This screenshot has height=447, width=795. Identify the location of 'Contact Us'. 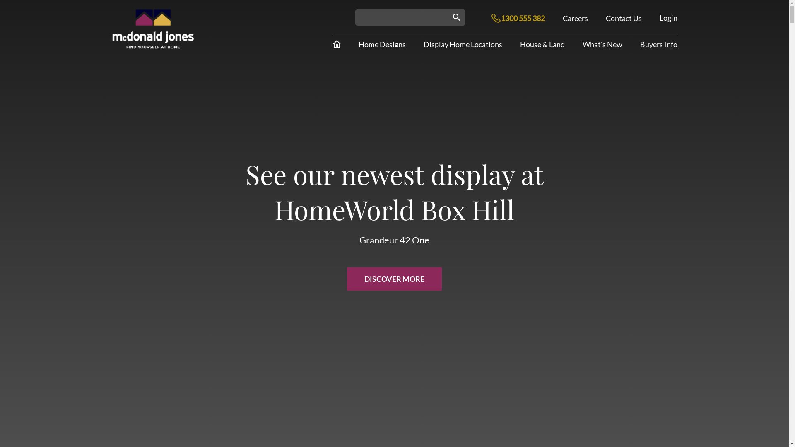
(623, 18).